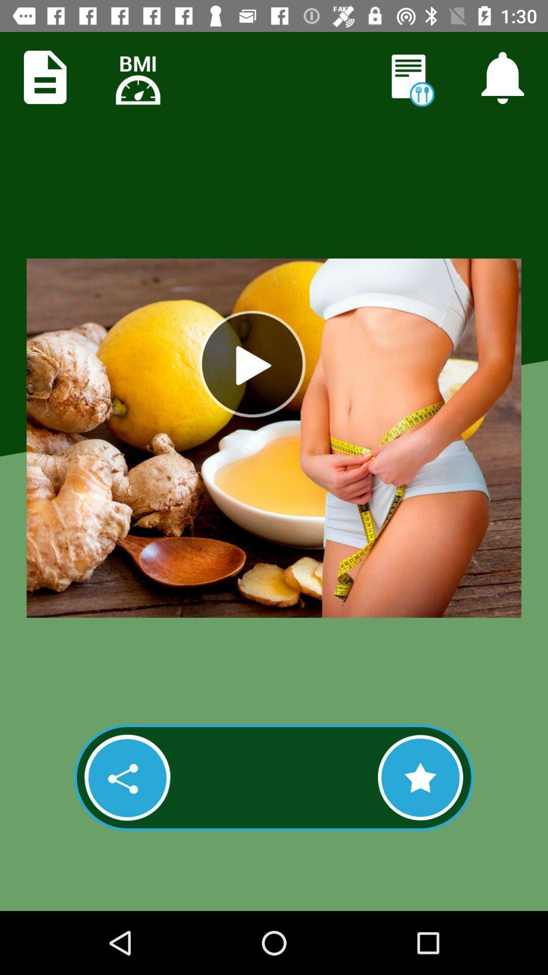 Image resolution: width=548 pixels, height=975 pixels. I want to click on notifications available, so click(502, 77).